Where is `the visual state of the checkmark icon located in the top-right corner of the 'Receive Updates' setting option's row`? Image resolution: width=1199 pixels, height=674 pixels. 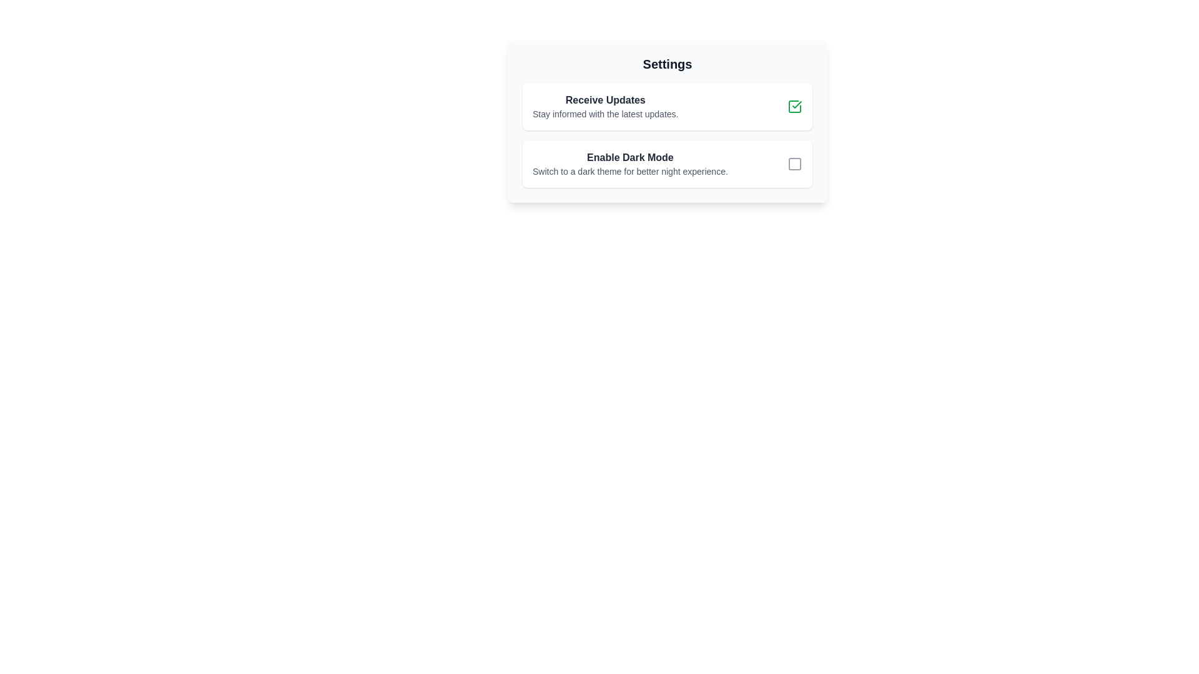 the visual state of the checkmark icon located in the top-right corner of the 'Receive Updates' setting option's row is located at coordinates (796, 104).